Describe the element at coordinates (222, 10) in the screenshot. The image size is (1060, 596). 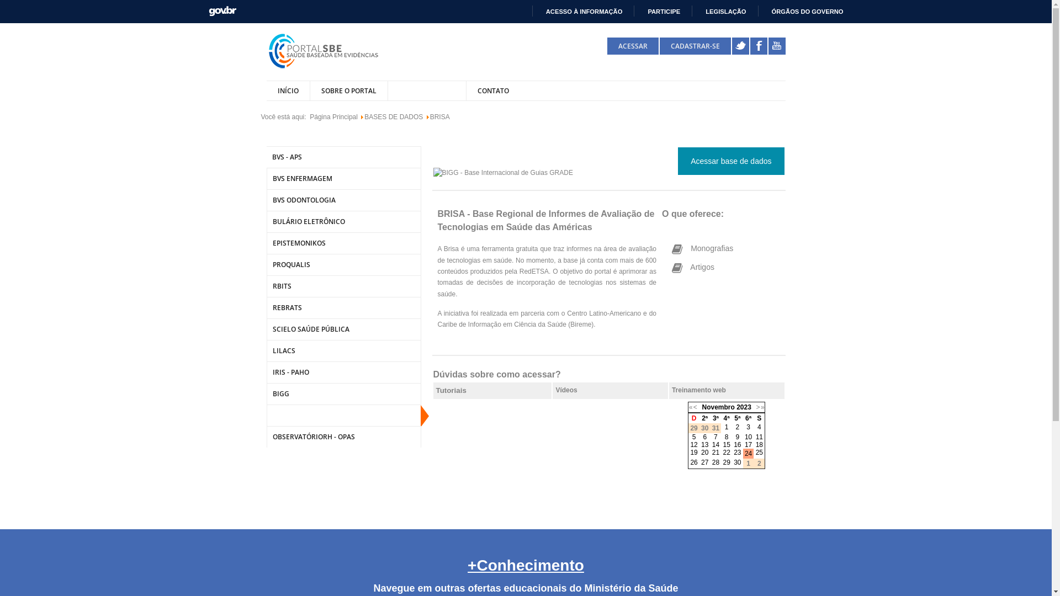
I see `'GOVBR'` at that location.